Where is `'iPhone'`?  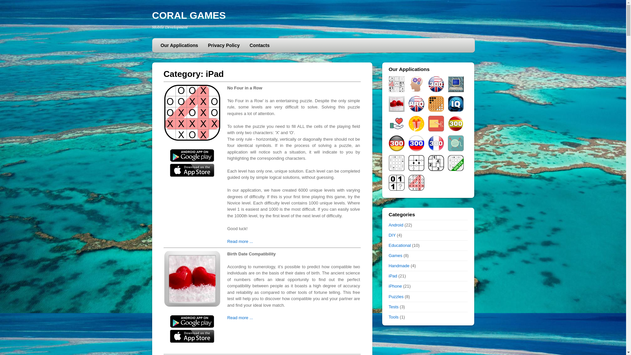
'iPhone' is located at coordinates (394, 286).